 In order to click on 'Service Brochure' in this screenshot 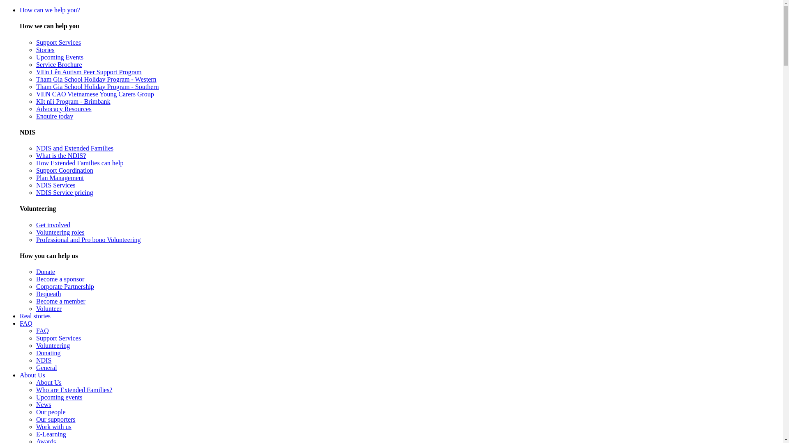, I will do `click(35, 64)`.